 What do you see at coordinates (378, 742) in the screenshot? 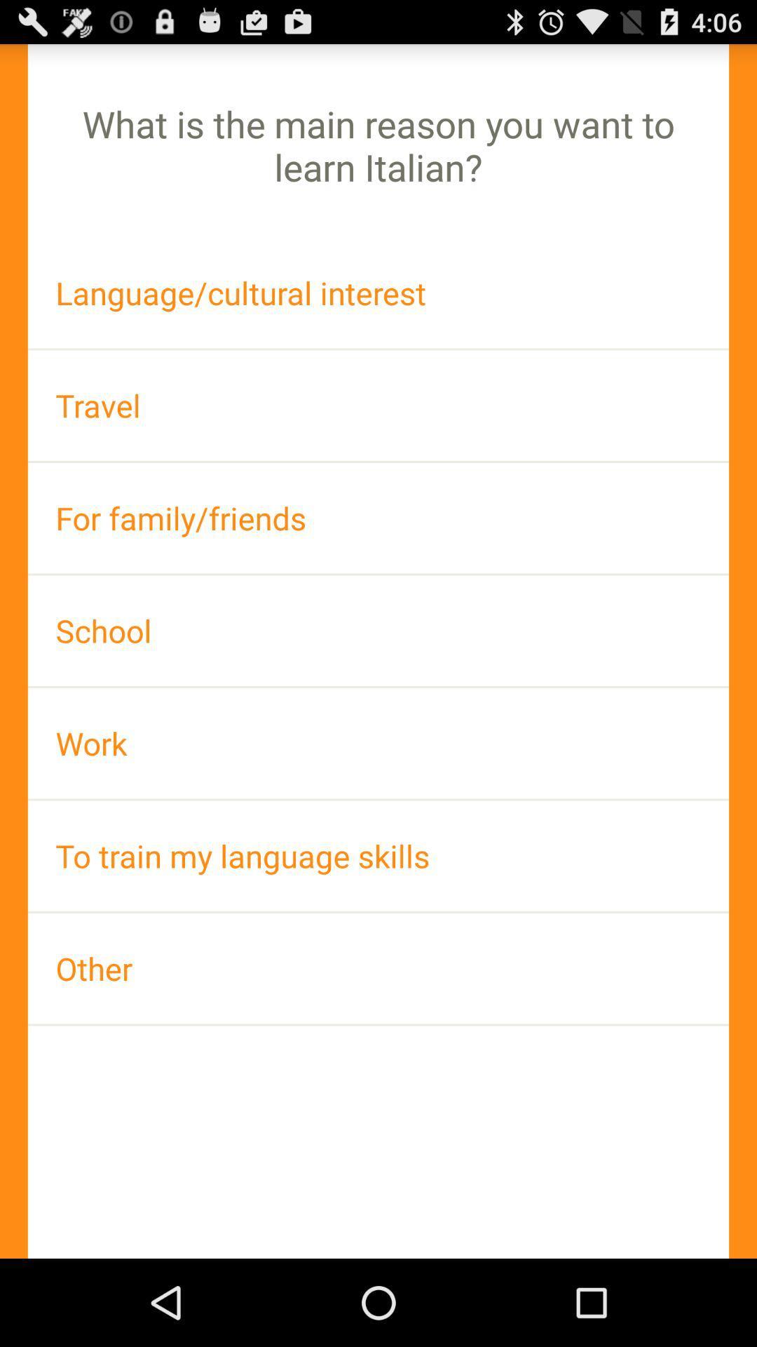
I see `work app` at bounding box center [378, 742].